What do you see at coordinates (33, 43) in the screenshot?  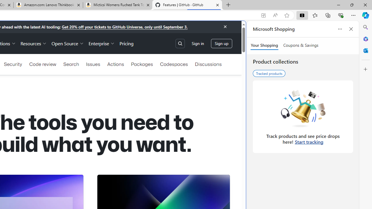 I see `'Resources'` at bounding box center [33, 43].